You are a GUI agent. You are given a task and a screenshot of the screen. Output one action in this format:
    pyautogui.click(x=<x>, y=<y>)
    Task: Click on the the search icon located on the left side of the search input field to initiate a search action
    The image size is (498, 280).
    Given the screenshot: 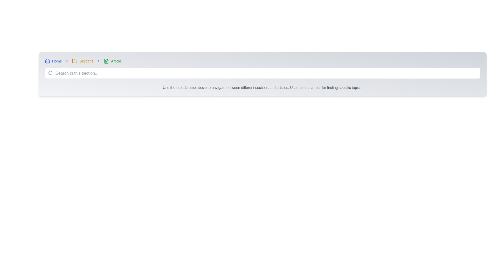 What is the action you would take?
    pyautogui.click(x=51, y=73)
    